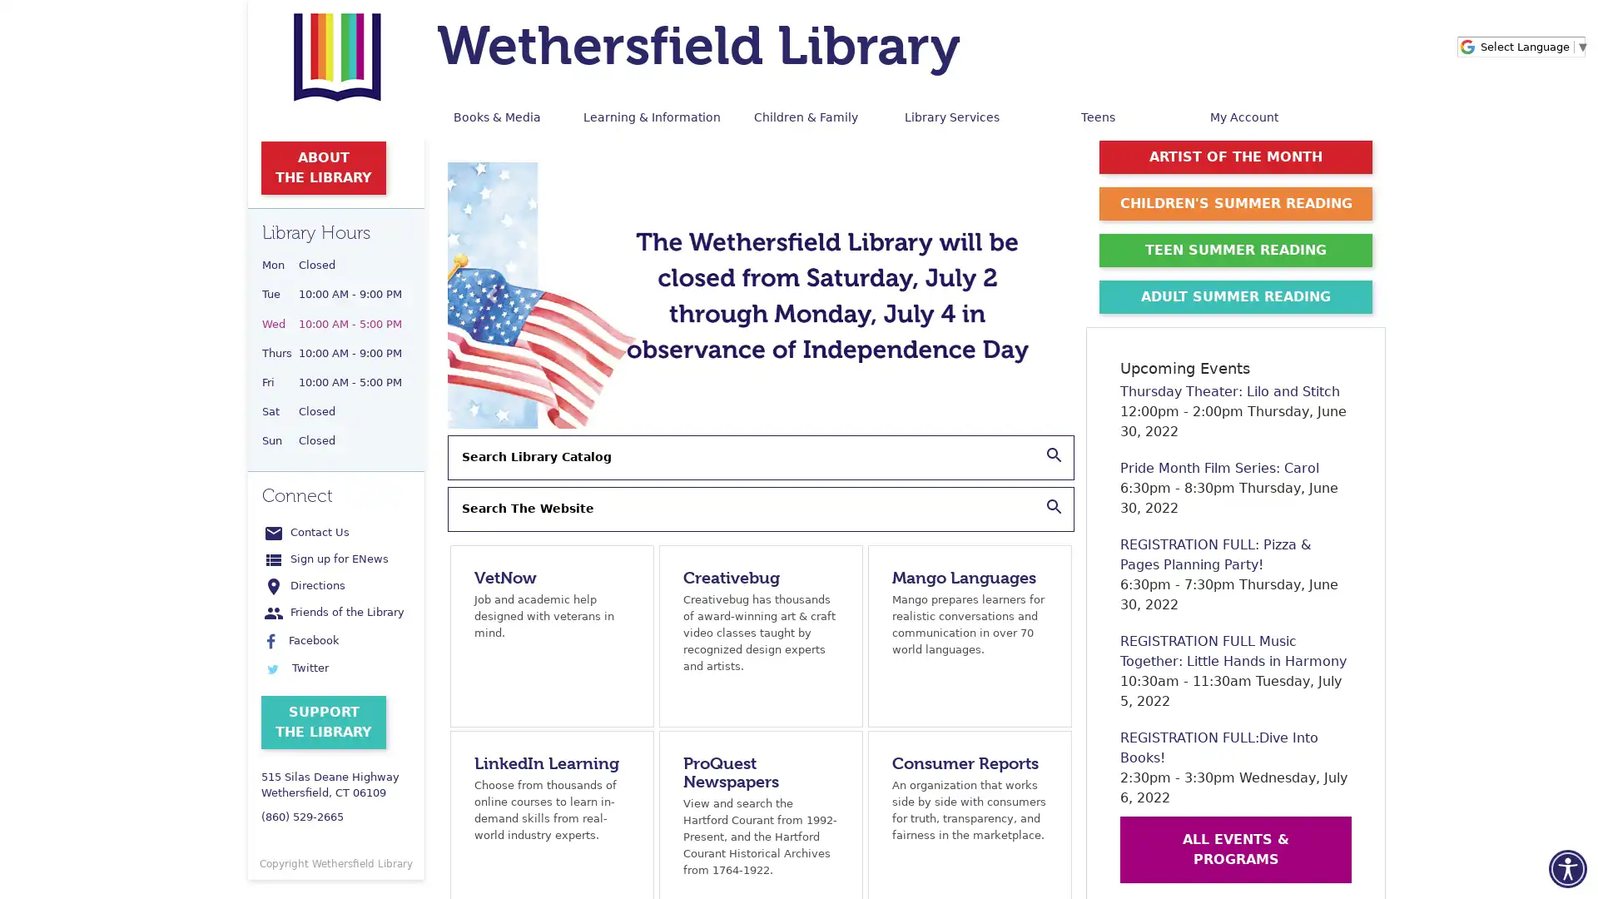 The image size is (1598, 899). Describe the element at coordinates (494, 294) in the screenshot. I see `Previous` at that location.